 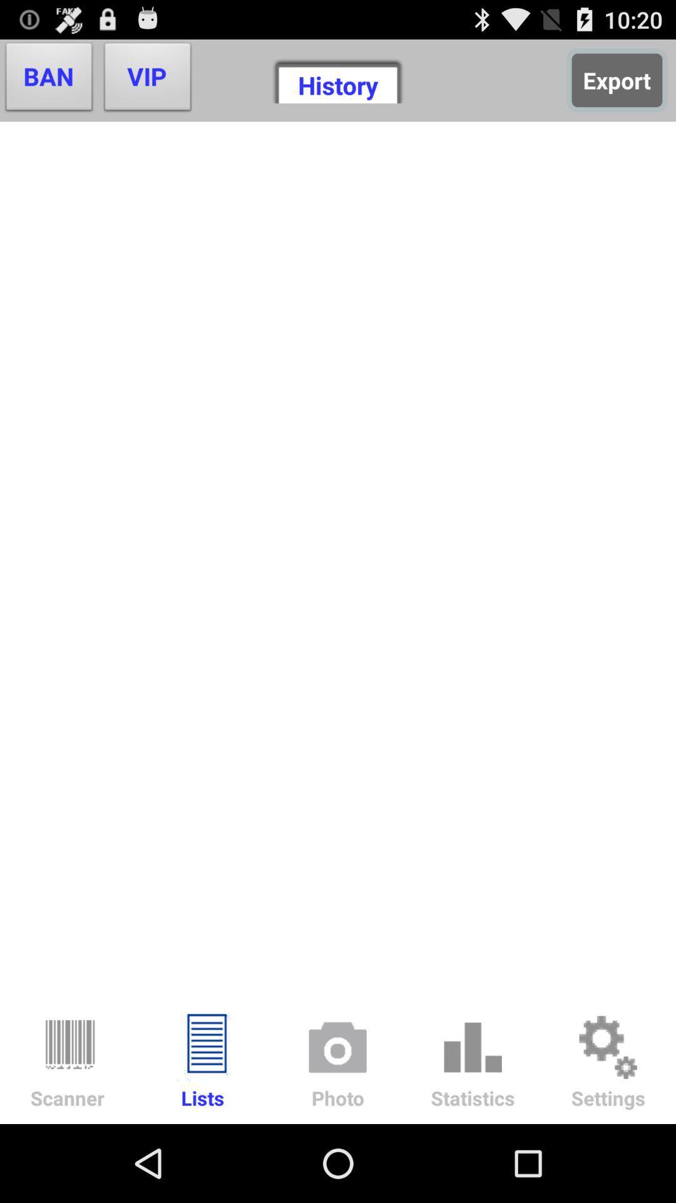 What do you see at coordinates (48, 80) in the screenshot?
I see `button to the left of the vip item` at bounding box center [48, 80].